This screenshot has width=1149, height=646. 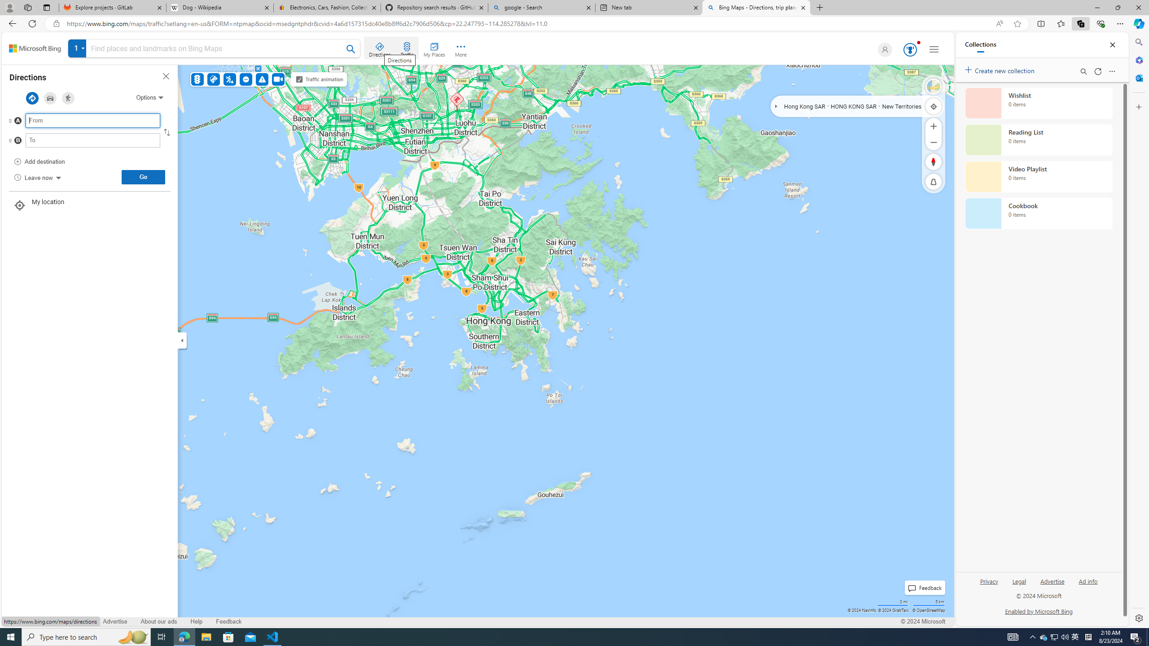 I want to click on 'More', so click(x=460, y=48).